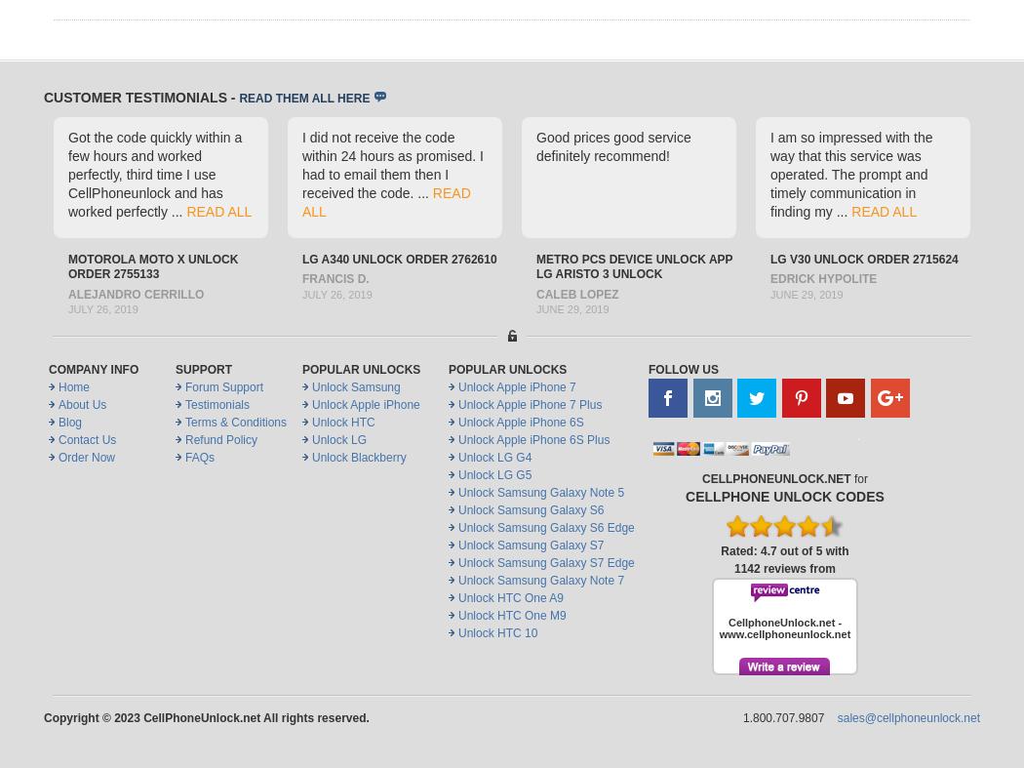  What do you see at coordinates (796, 568) in the screenshot?
I see `'reviews from'` at bounding box center [796, 568].